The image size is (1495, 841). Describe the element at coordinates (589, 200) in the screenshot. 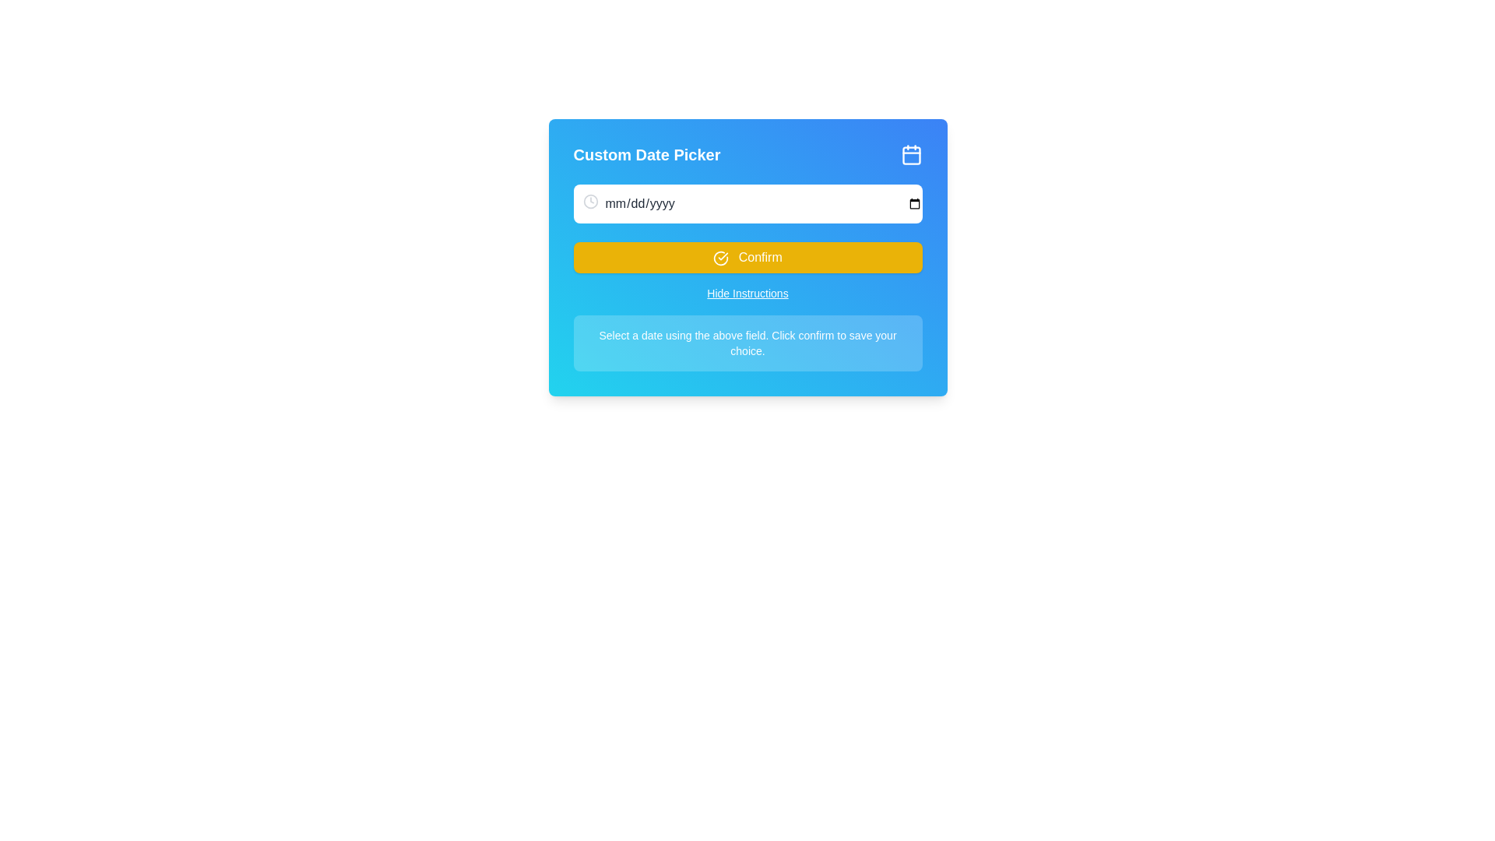

I see `the small gray clock icon located on the far left of the date input field in the 'Custom Date Picker' dialog` at that location.